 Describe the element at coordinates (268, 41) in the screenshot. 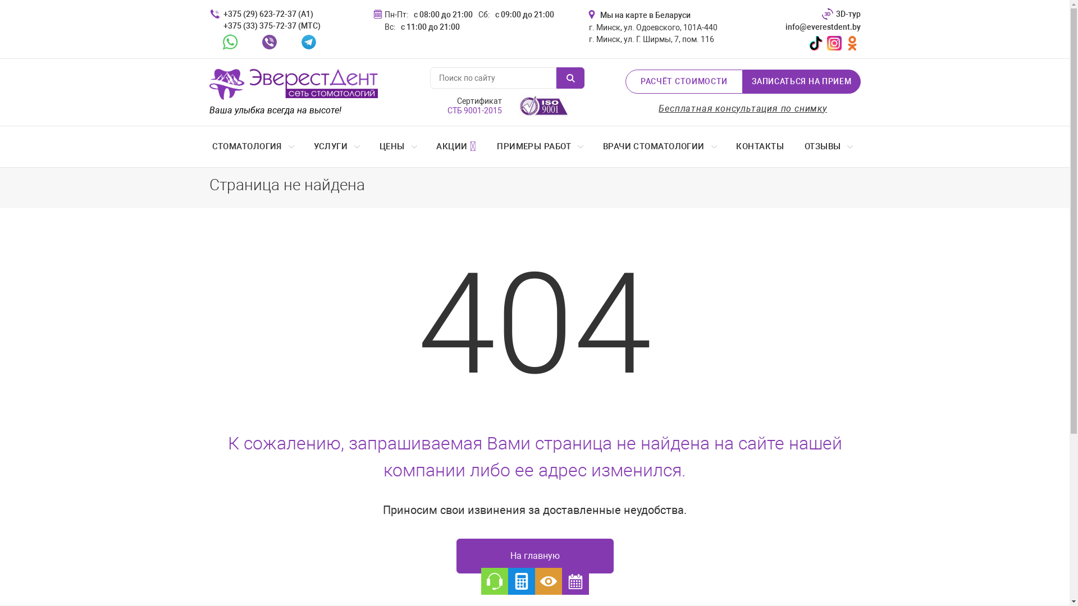

I see `'Viber'` at that location.